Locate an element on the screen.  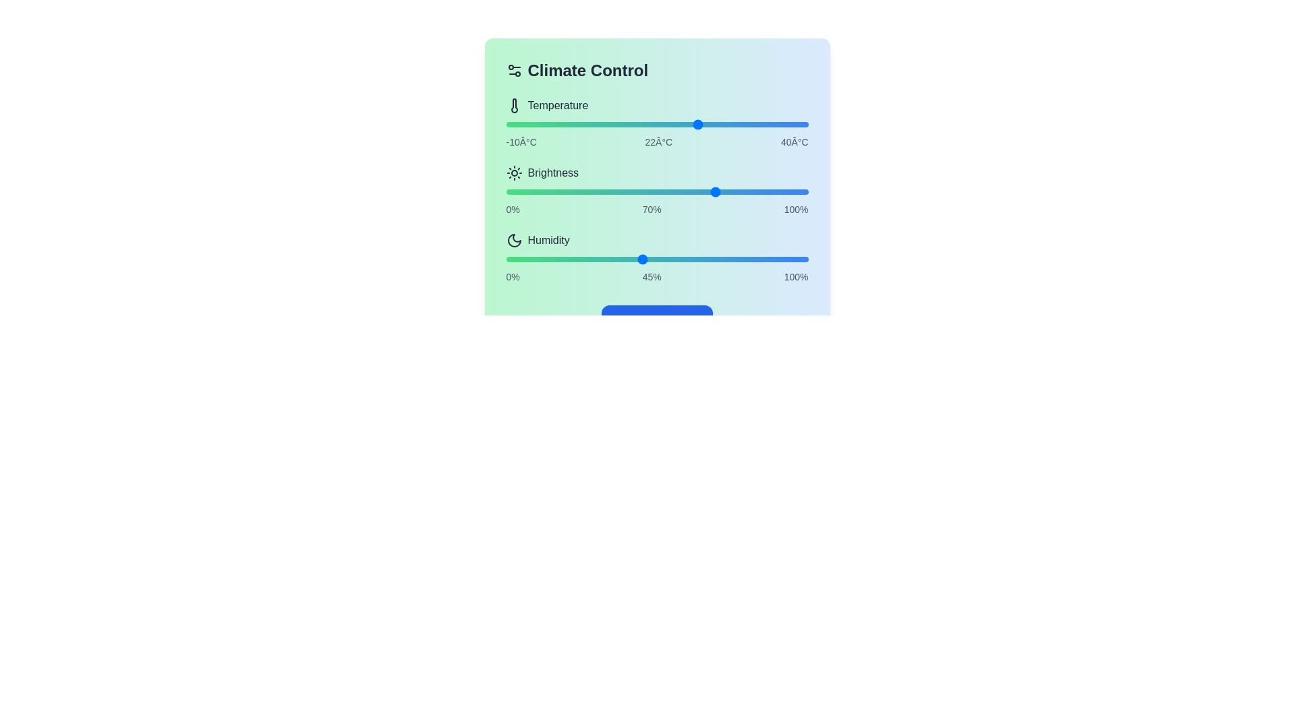
the static text label displaying '100%' which is positioned at the far right end of the group of similar labels under the 'Humidity' slider component is located at coordinates (796, 276).